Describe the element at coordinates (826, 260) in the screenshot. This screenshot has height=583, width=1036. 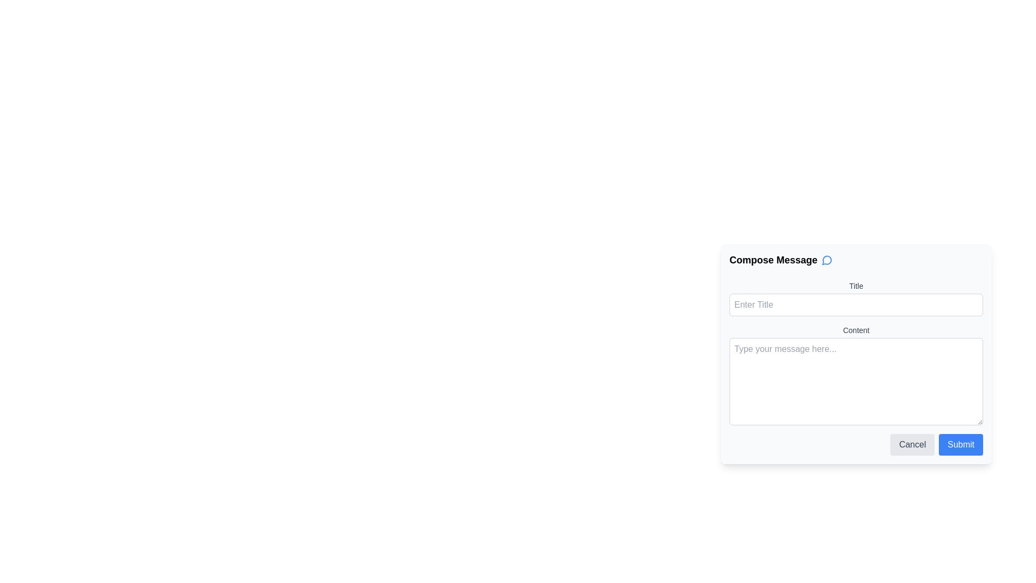
I see `the messaging icon located in the header of the 'Compose Message' panel, which is situated directly to the right of the title text 'Compose Message'` at that location.